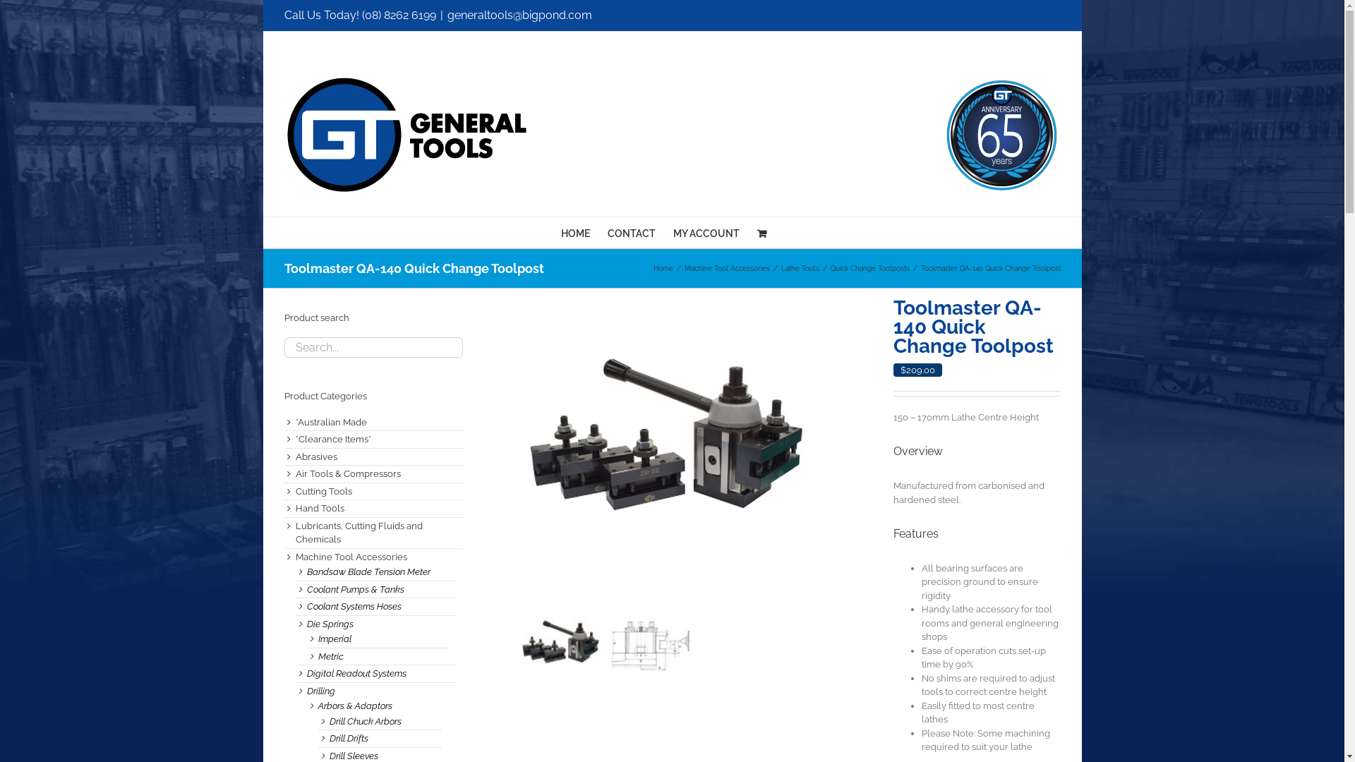 The image size is (1355, 762). I want to click on 'Drilling', so click(320, 690).